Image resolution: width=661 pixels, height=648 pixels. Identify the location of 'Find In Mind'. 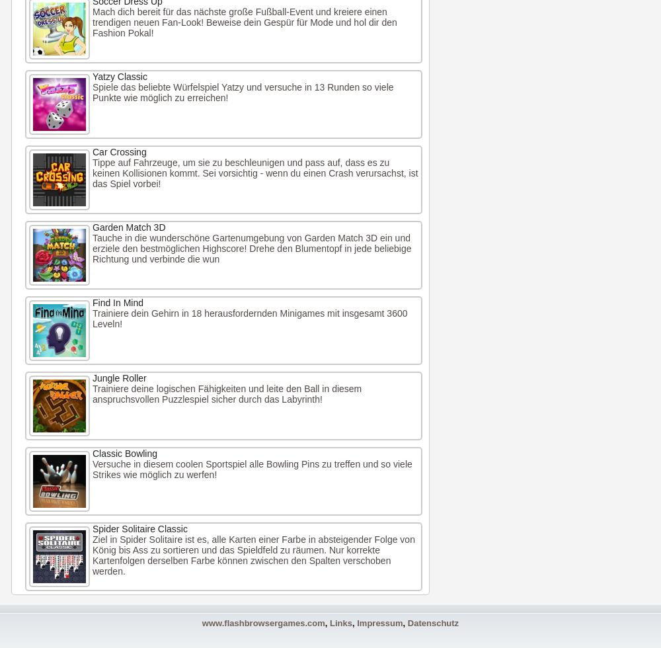
(118, 302).